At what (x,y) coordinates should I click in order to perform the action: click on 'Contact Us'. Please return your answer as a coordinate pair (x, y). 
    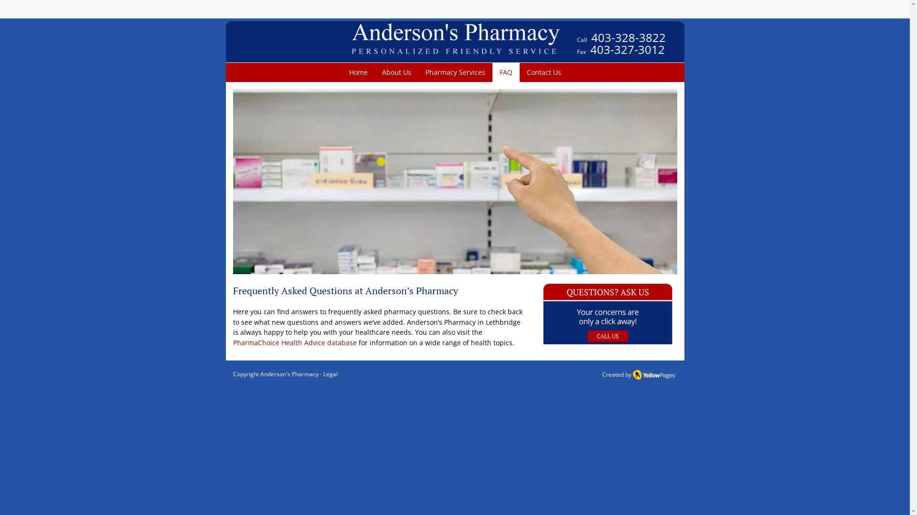
    Looking at the image, I should click on (544, 72).